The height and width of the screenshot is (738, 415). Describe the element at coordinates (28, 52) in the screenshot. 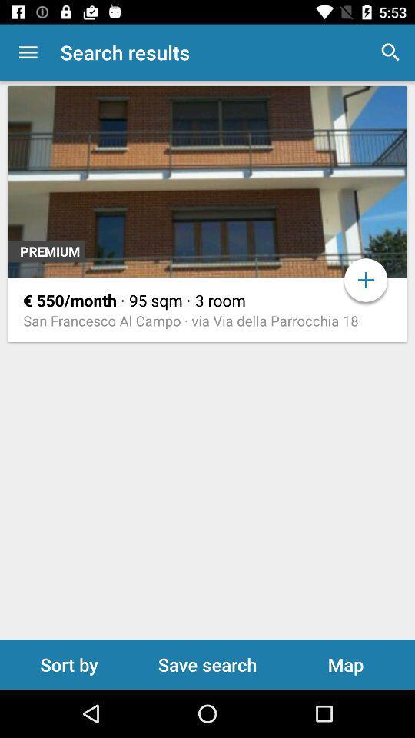

I see `icon to the left of search results app` at that location.